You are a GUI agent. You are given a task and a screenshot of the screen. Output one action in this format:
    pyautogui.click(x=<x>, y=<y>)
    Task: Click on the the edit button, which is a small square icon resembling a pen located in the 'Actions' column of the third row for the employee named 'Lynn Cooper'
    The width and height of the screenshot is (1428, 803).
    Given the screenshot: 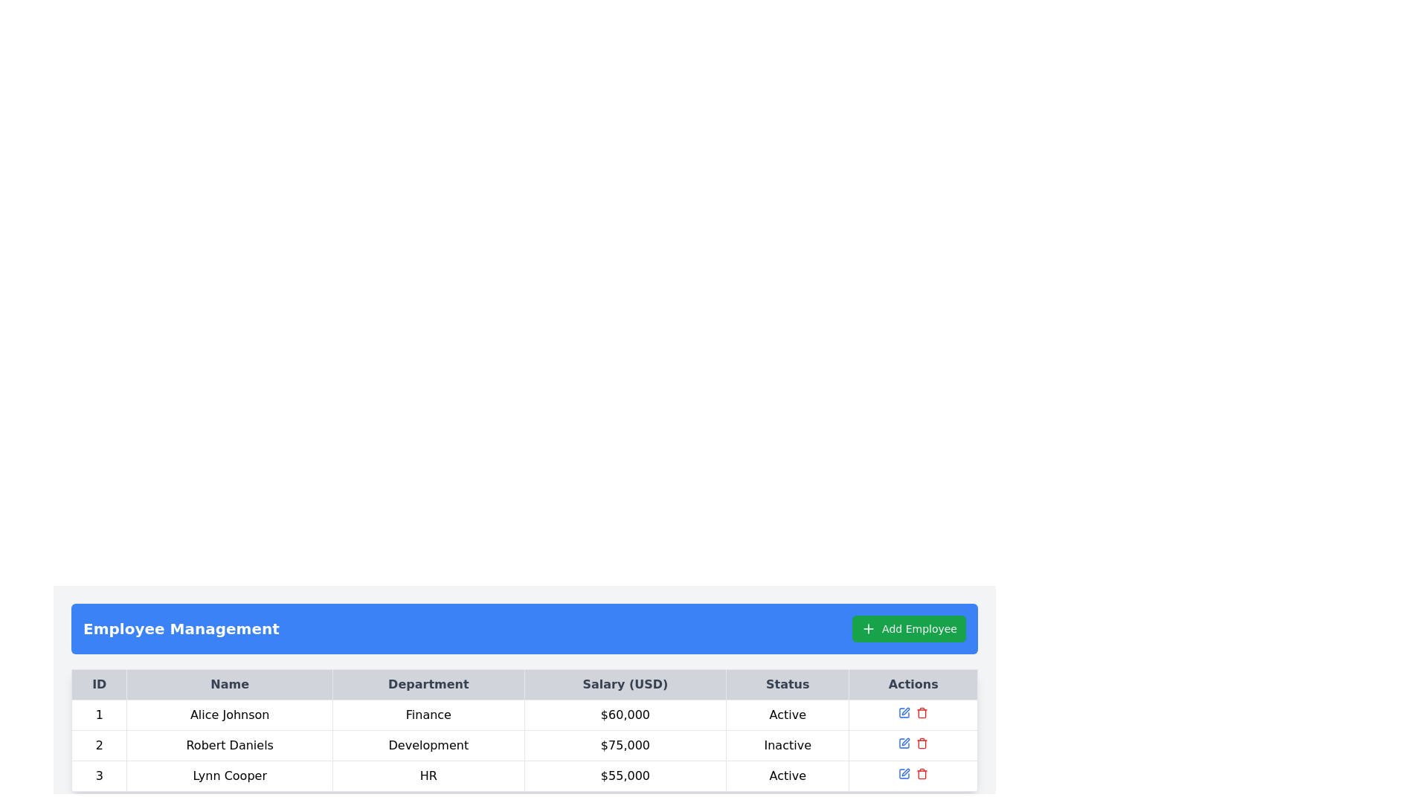 What is the action you would take?
    pyautogui.click(x=905, y=710)
    